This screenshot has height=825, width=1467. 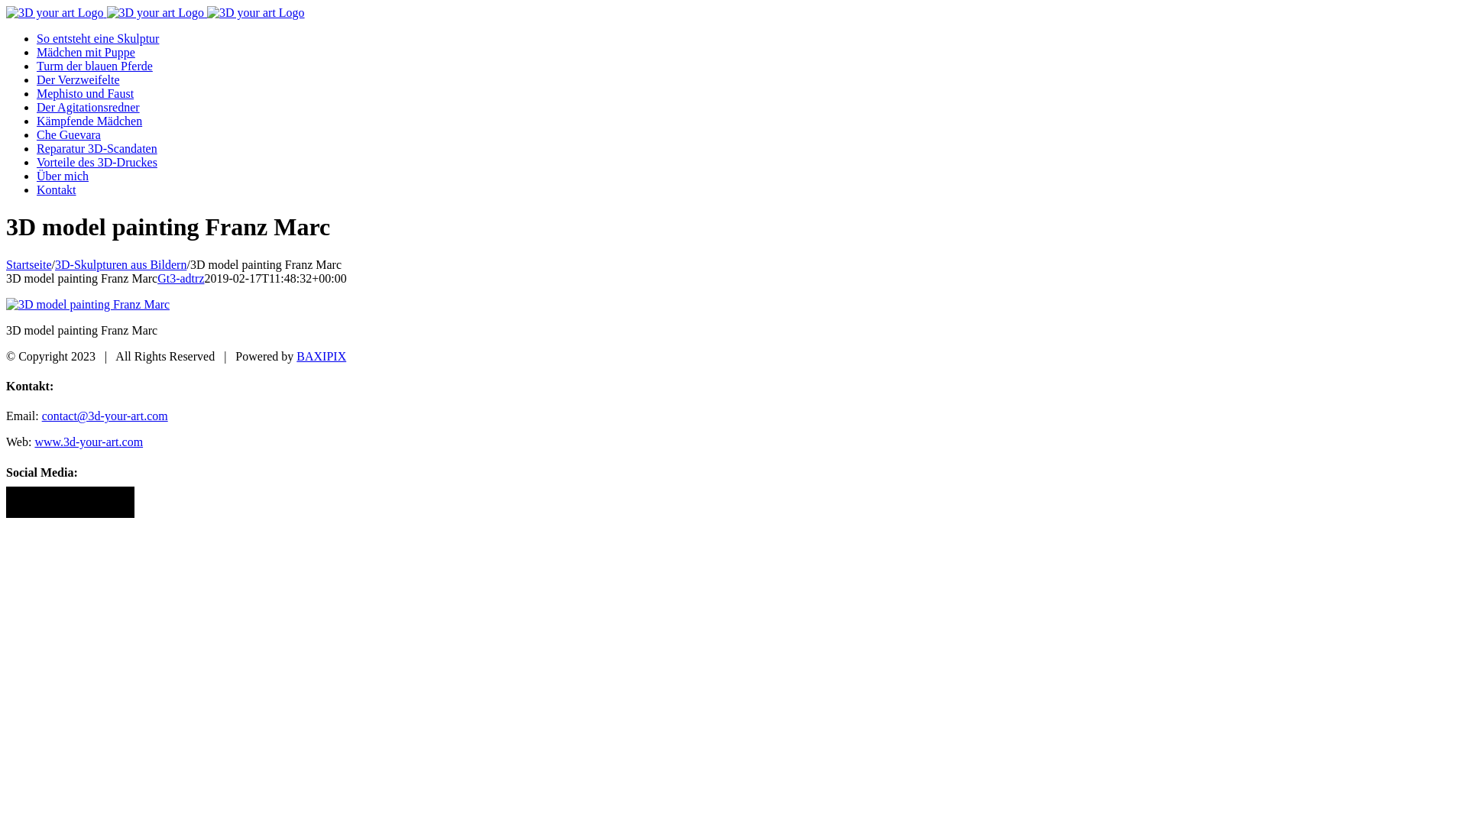 I want to click on 'Startseite', so click(x=29, y=264).